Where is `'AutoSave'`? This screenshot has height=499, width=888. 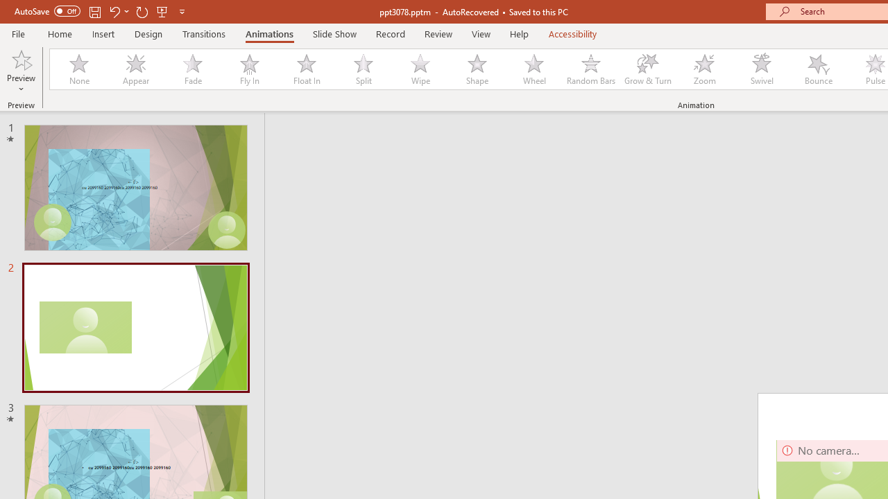 'AutoSave' is located at coordinates (47, 11).